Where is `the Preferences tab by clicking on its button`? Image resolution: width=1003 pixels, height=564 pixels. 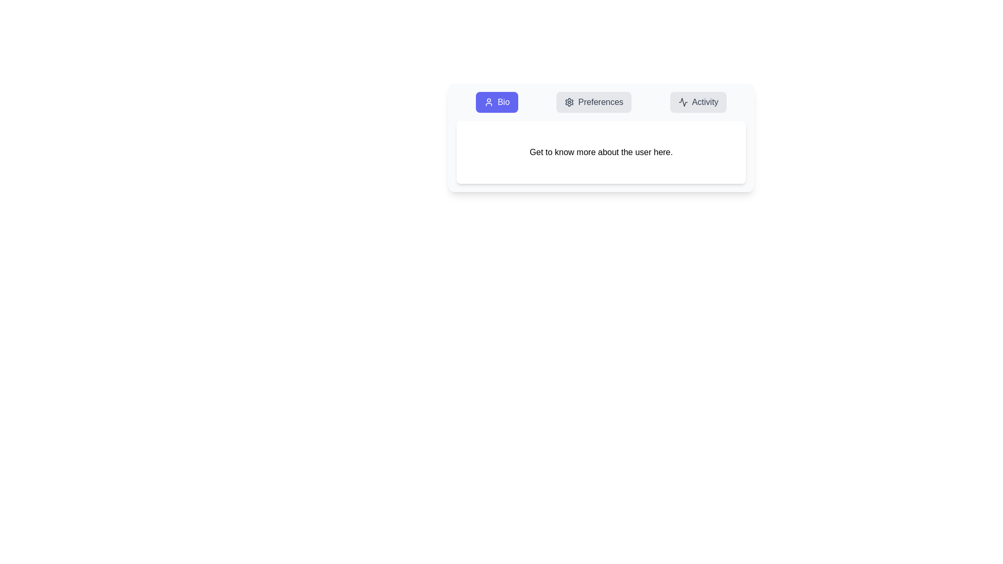
the Preferences tab by clicking on its button is located at coordinates (594, 102).